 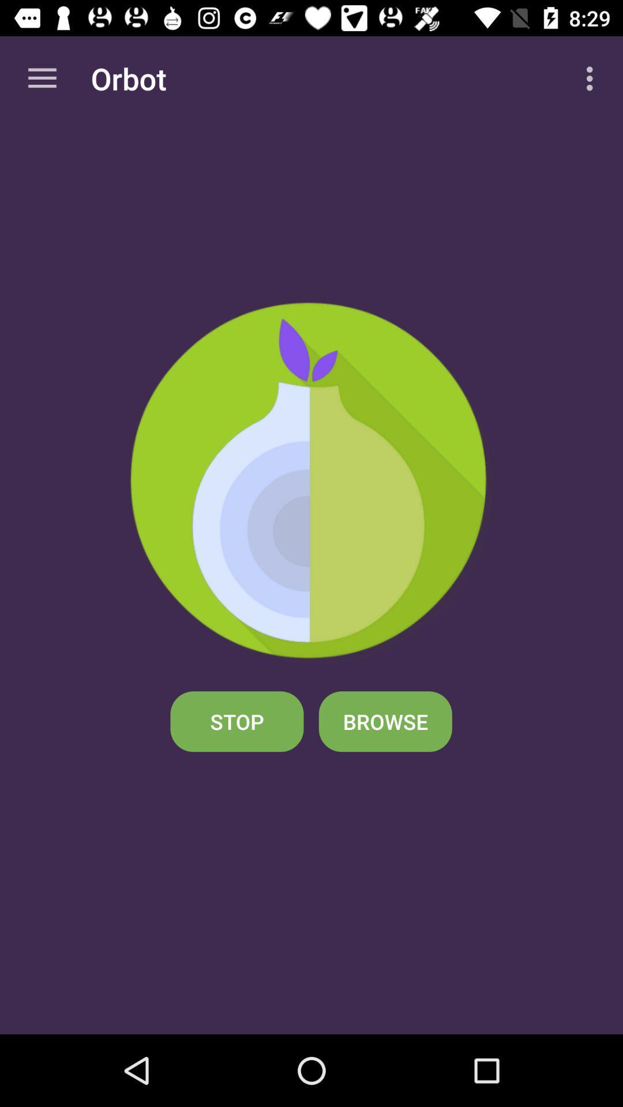 What do you see at coordinates (385, 721) in the screenshot?
I see `browse icon` at bounding box center [385, 721].